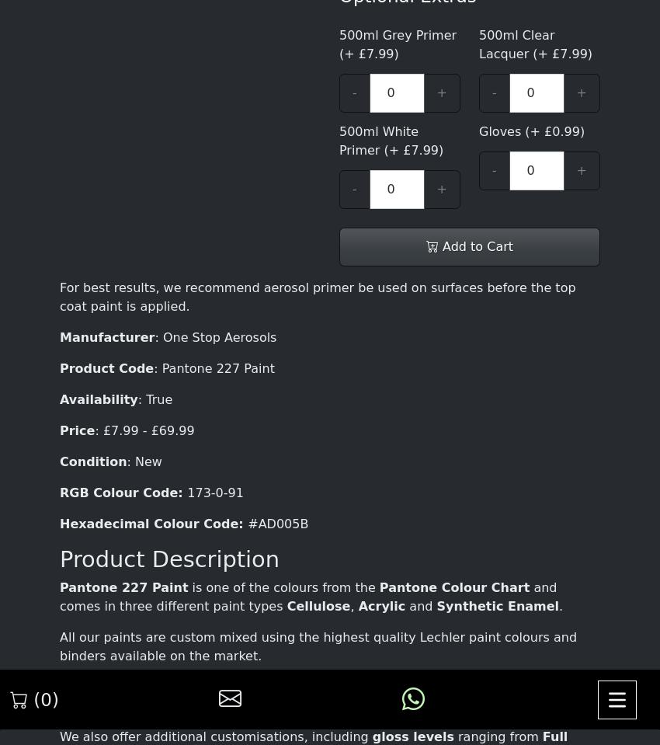 This screenshot has height=745, width=660. What do you see at coordinates (328, 40) in the screenshot?
I see `'Pantone 227 Paint aerosol cans, litre tins and touch up and repair pots/pens'` at bounding box center [328, 40].